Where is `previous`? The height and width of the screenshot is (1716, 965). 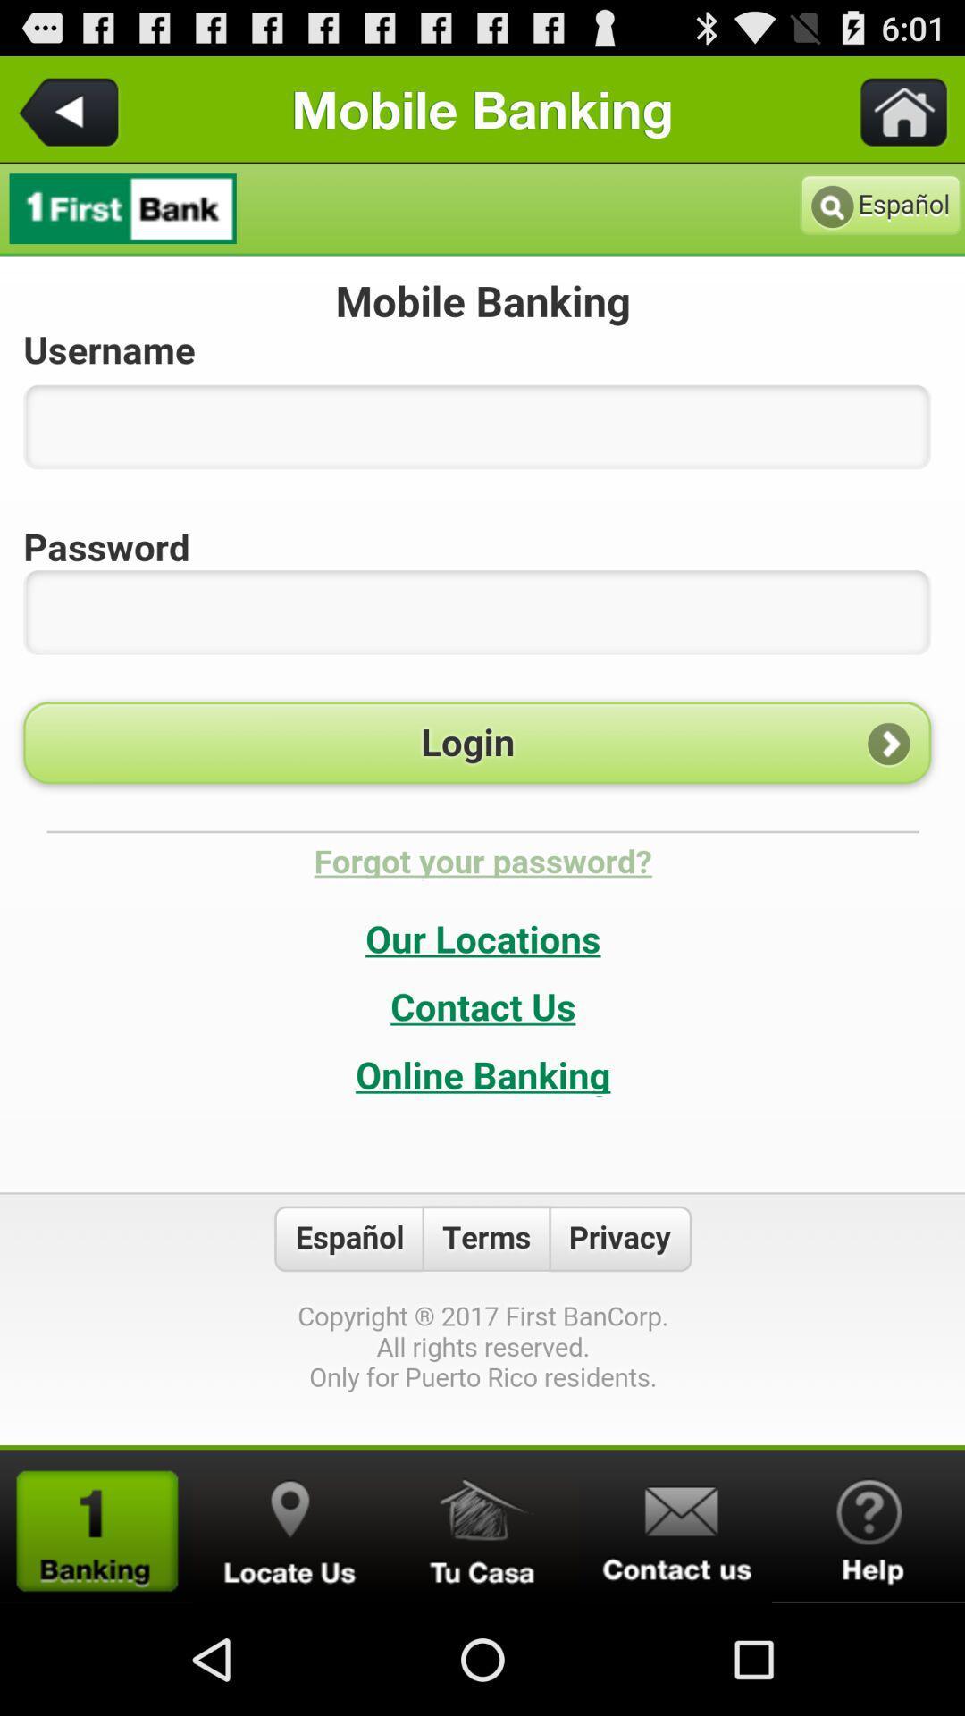
previous is located at coordinates (71, 108).